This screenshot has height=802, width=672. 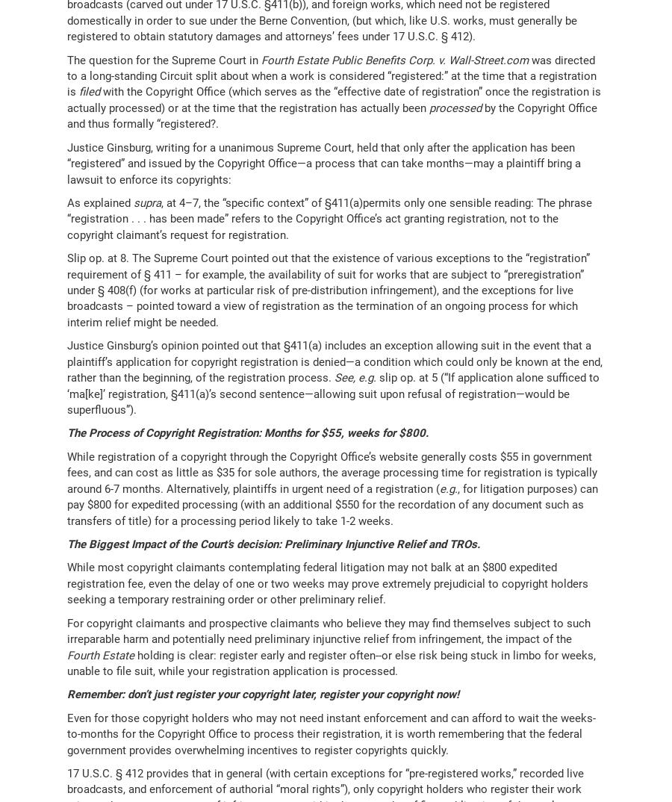 What do you see at coordinates (332, 114) in the screenshot?
I see `'by the Copyright Office and thus formally “registered?.'` at bounding box center [332, 114].